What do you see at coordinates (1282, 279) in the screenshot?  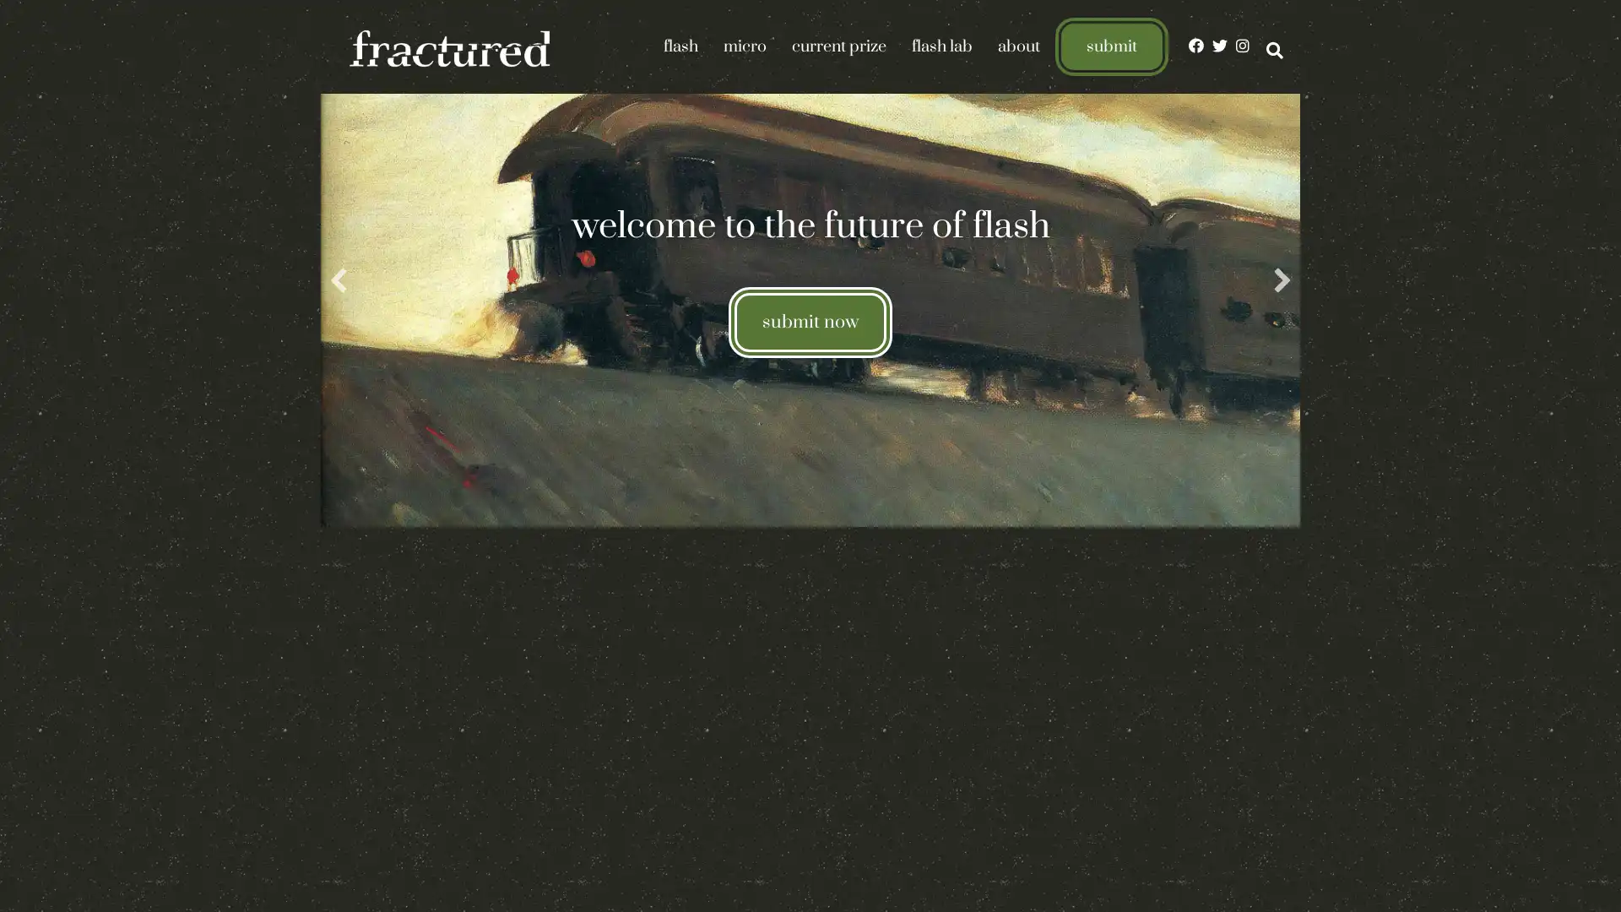 I see `next` at bounding box center [1282, 279].